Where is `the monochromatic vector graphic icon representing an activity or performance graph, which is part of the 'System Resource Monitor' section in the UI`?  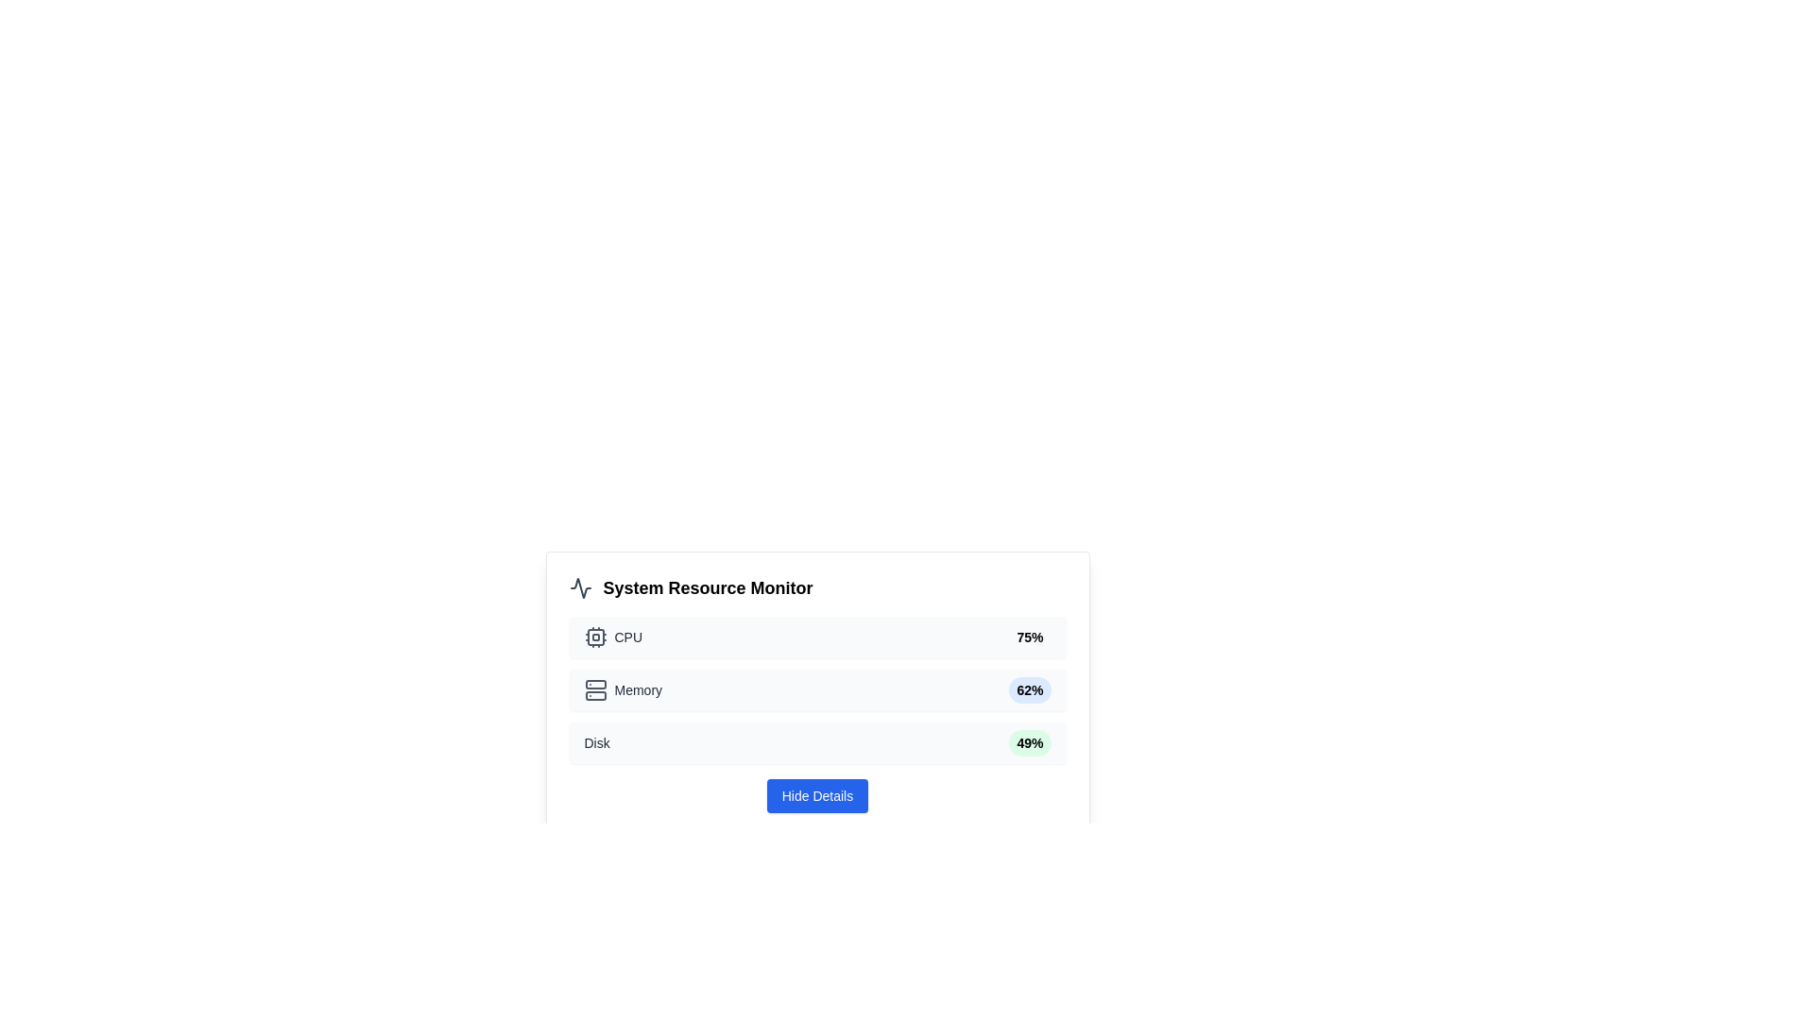 the monochromatic vector graphic icon representing an activity or performance graph, which is part of the 'System Resource Monitor' section in the UI is located at coordinates (579, 587).